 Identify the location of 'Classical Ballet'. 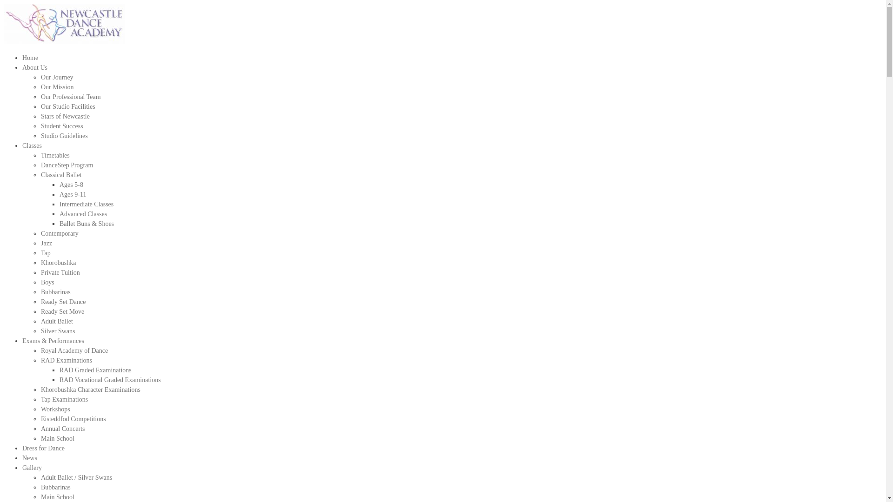
(60, 175).